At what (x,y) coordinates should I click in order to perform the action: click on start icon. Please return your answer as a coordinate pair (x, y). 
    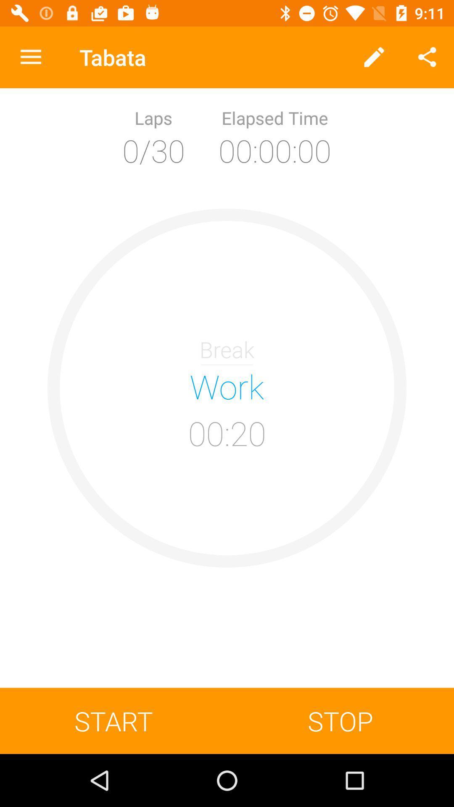
    Looking at the image, I should click on (113, 720).